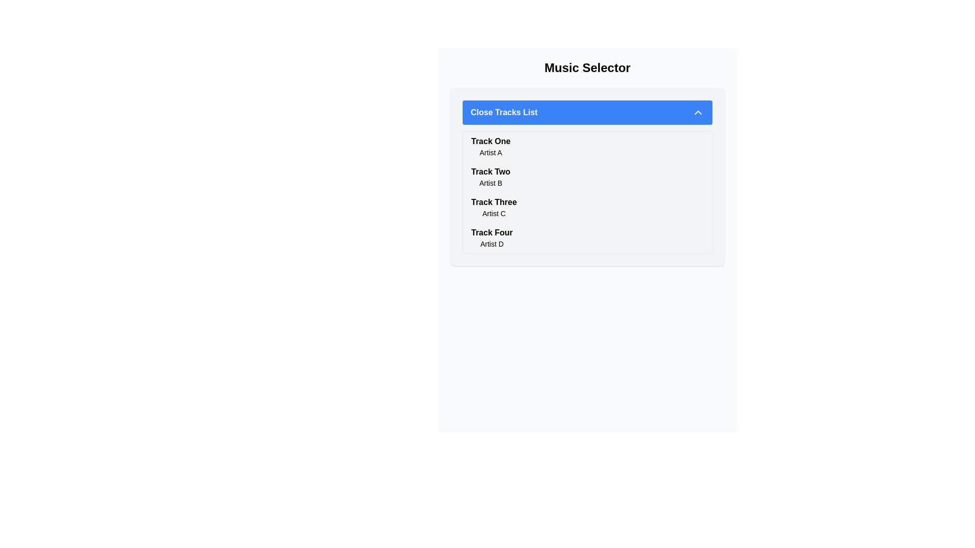 This screenshot has height=548, width=975. Describe the element at coordinates (492, 238) in the screenshot. I see `the 'Track Four' text label` at that location.